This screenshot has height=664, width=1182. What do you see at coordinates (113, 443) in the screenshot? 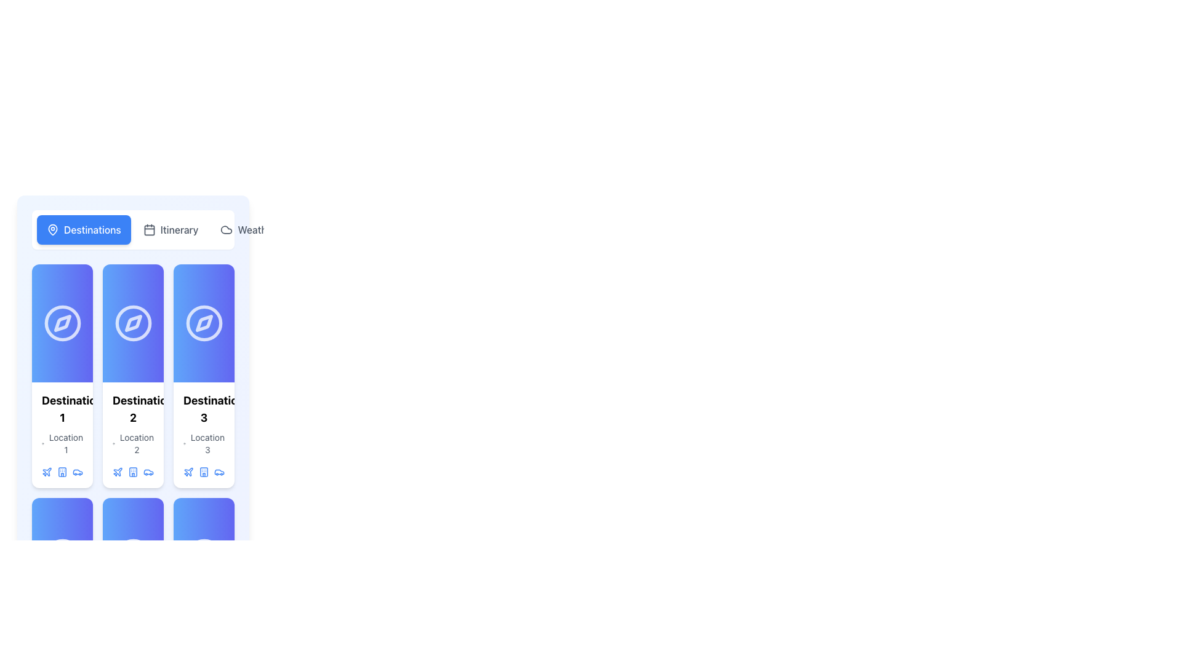
I see `the pin icon representing 'Location 2'` at bounding box center [113, 443].